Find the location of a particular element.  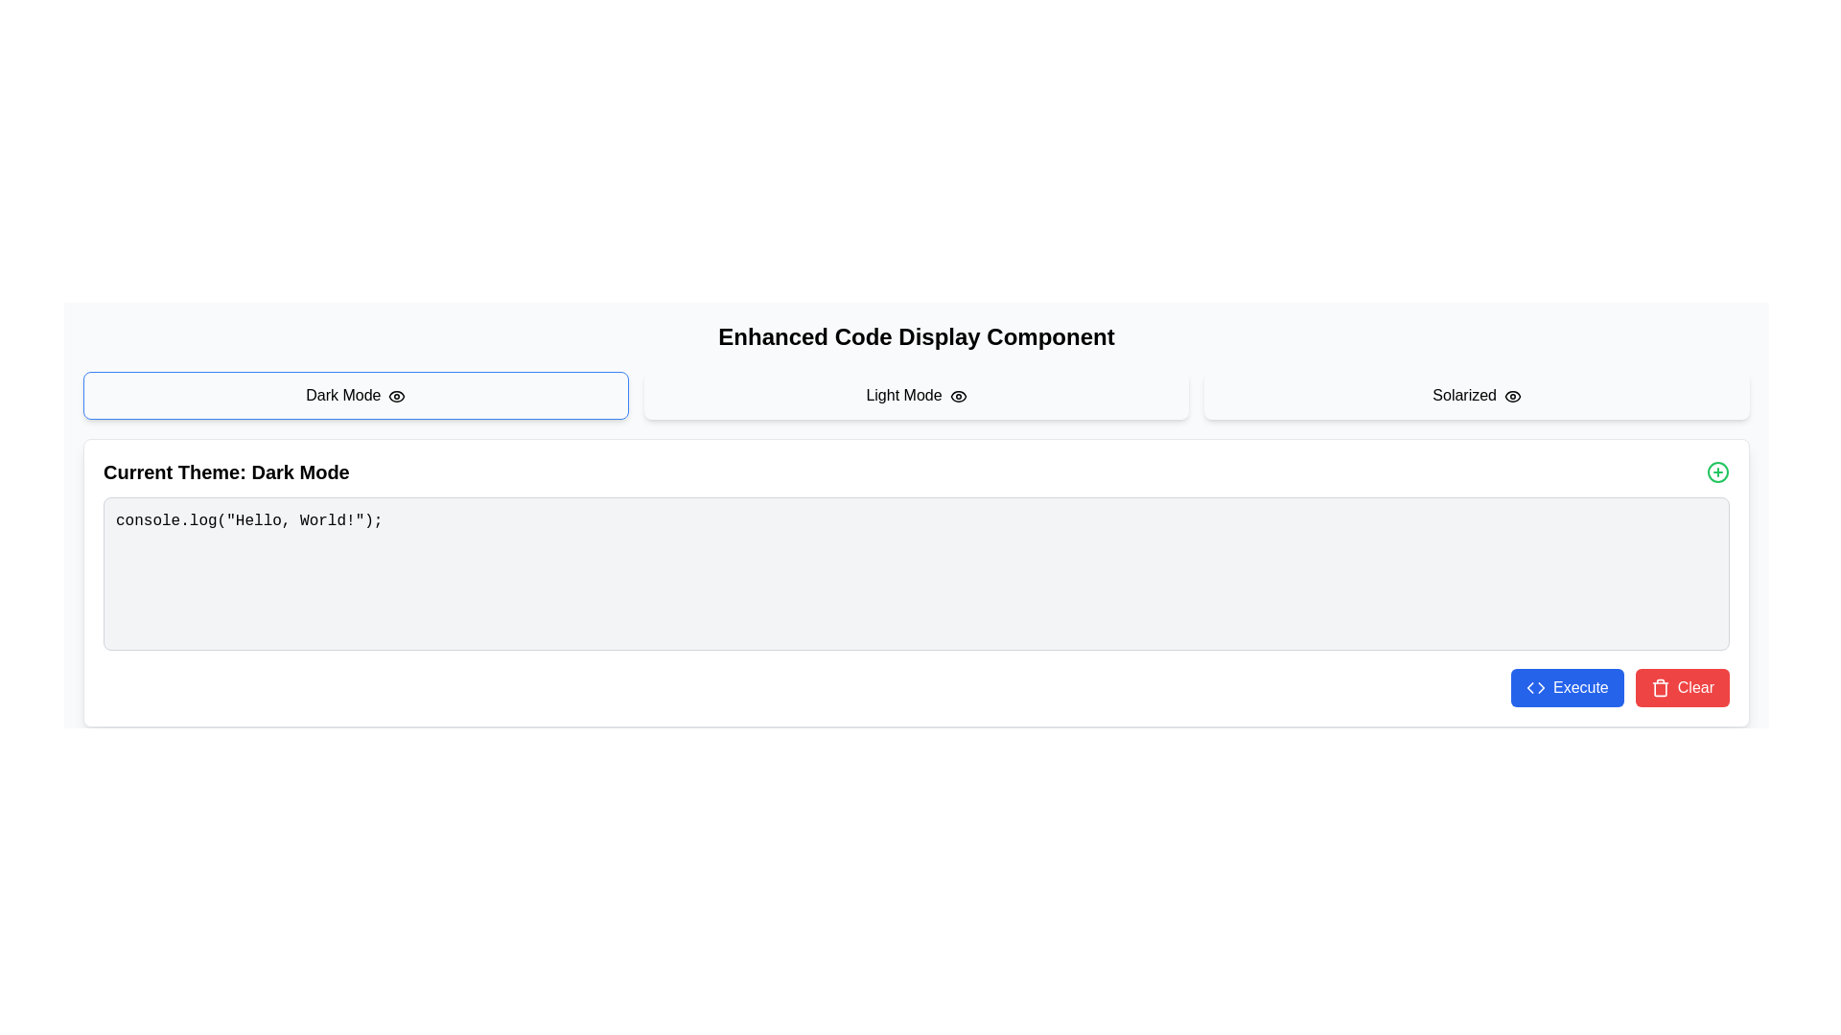

the 'Clear' icon located in the red button at the top-right of the interface is located at coordinates (1659, 686).